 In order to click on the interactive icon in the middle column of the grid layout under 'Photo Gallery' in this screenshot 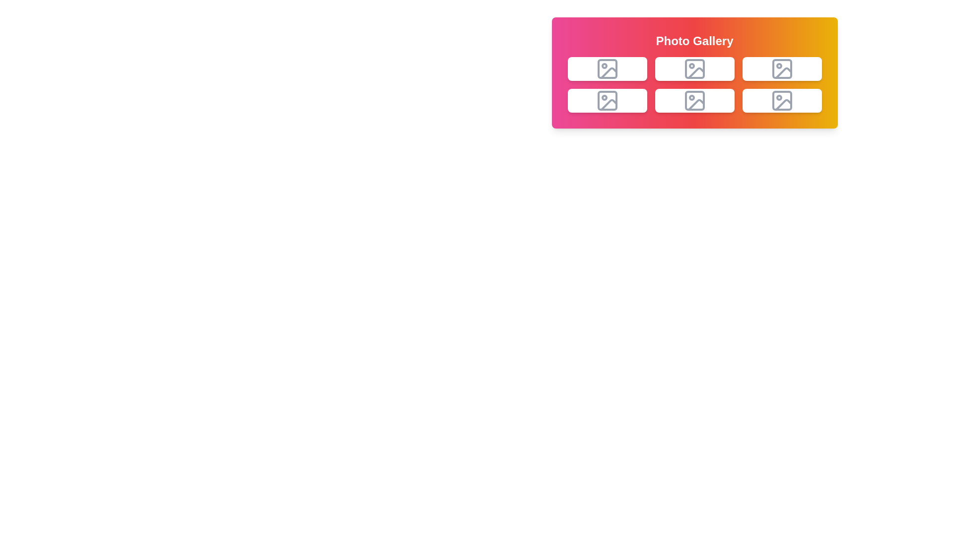, I will do `click(694, 68)`.